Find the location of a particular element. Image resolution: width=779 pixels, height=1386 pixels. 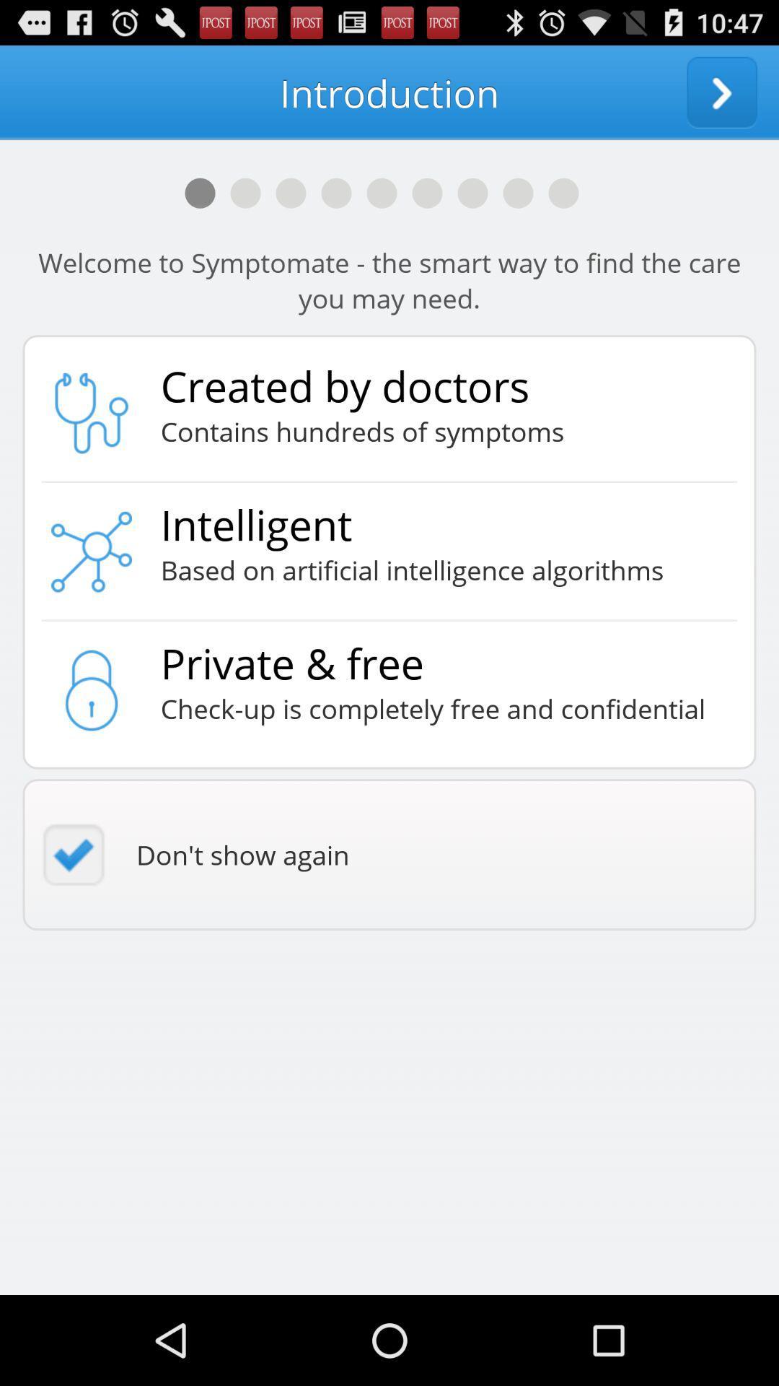

next page is located at coordinates (722, 92).